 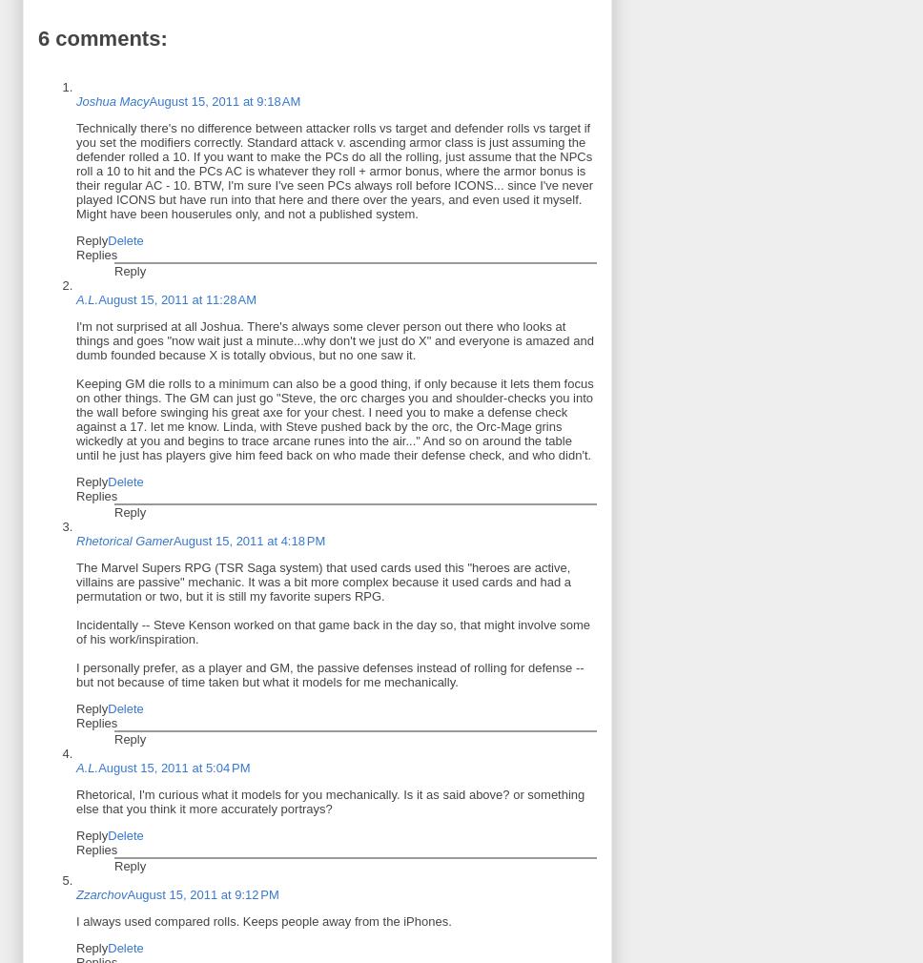 What do you see at coordinates (223, 99) in the screenshot?
I see `'August 15, 2011 at 9:18 AM'` at bounding box center [223, 99].